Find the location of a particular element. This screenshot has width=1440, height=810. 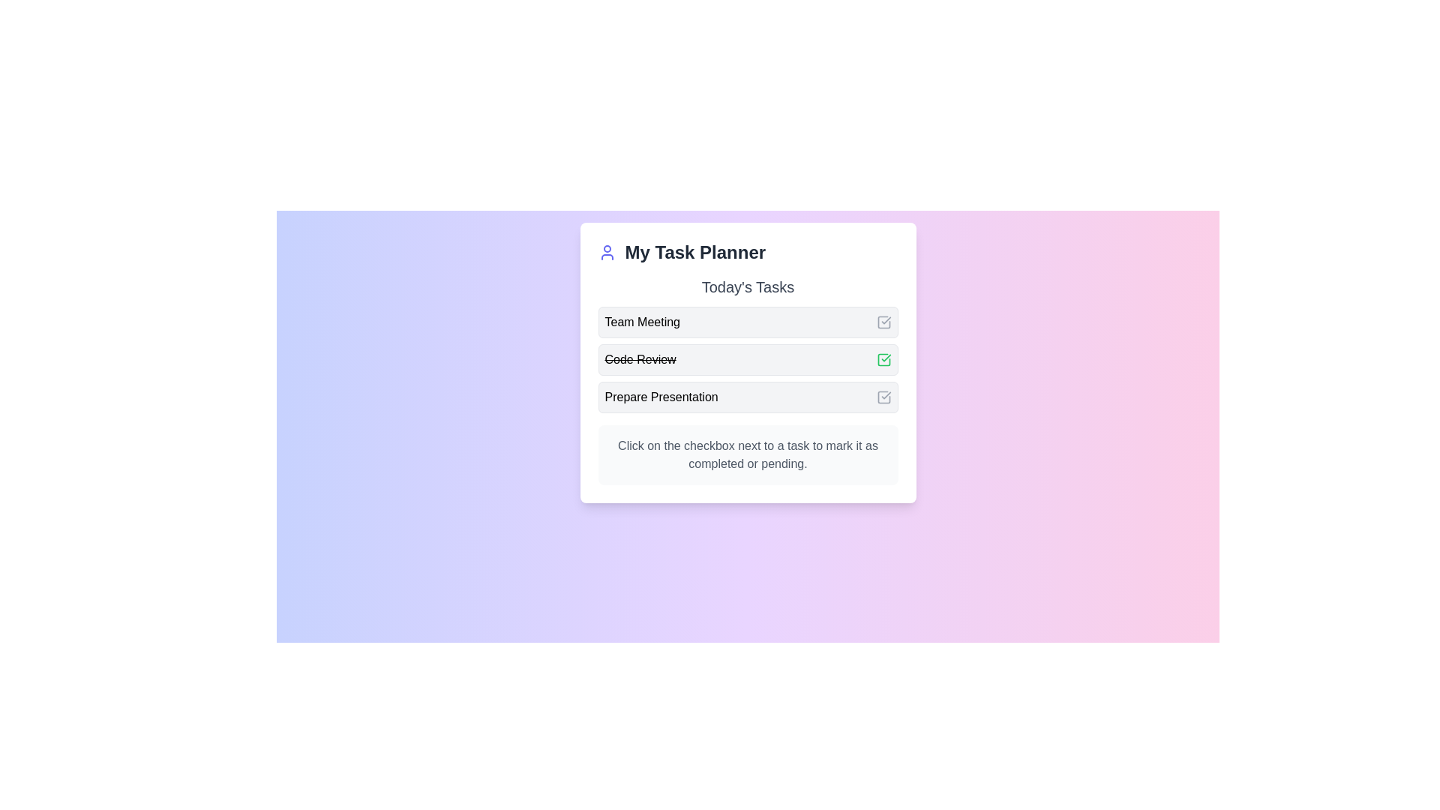

the heading element titled 'Today's Tasks', which is styled with a bold font and larger text size, appearing in medium gray color above the task list is located at coordinates (748, 286).